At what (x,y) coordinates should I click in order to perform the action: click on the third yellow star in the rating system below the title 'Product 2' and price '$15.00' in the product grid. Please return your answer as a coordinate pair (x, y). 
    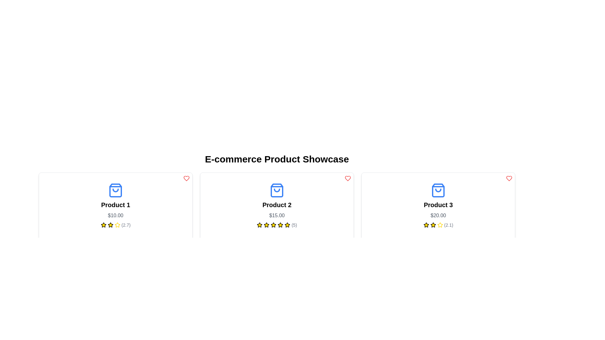
    Looking at the image, I should click on (280, 224).